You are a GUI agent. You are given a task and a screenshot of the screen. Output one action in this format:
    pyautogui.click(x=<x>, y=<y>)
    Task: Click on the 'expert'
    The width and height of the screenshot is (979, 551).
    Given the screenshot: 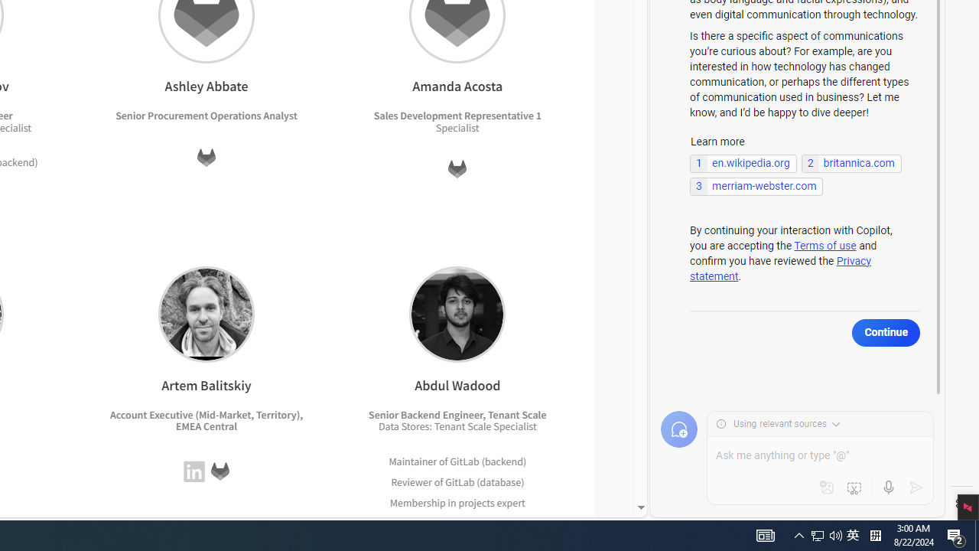 What is the action you would take?
    pyautogui.click(x=508, y=522)
    